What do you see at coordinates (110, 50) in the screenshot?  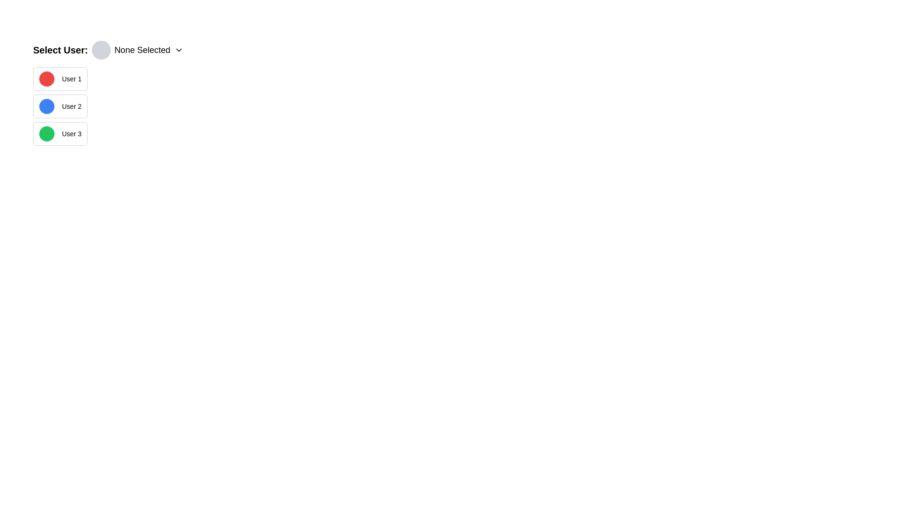 I see `the Dropdown selector labeled 'Select User:' which includes a gray circular avatar placeholder, the text 'None Selected,' and a chevron-down icon` at bounding box center [110, 50].